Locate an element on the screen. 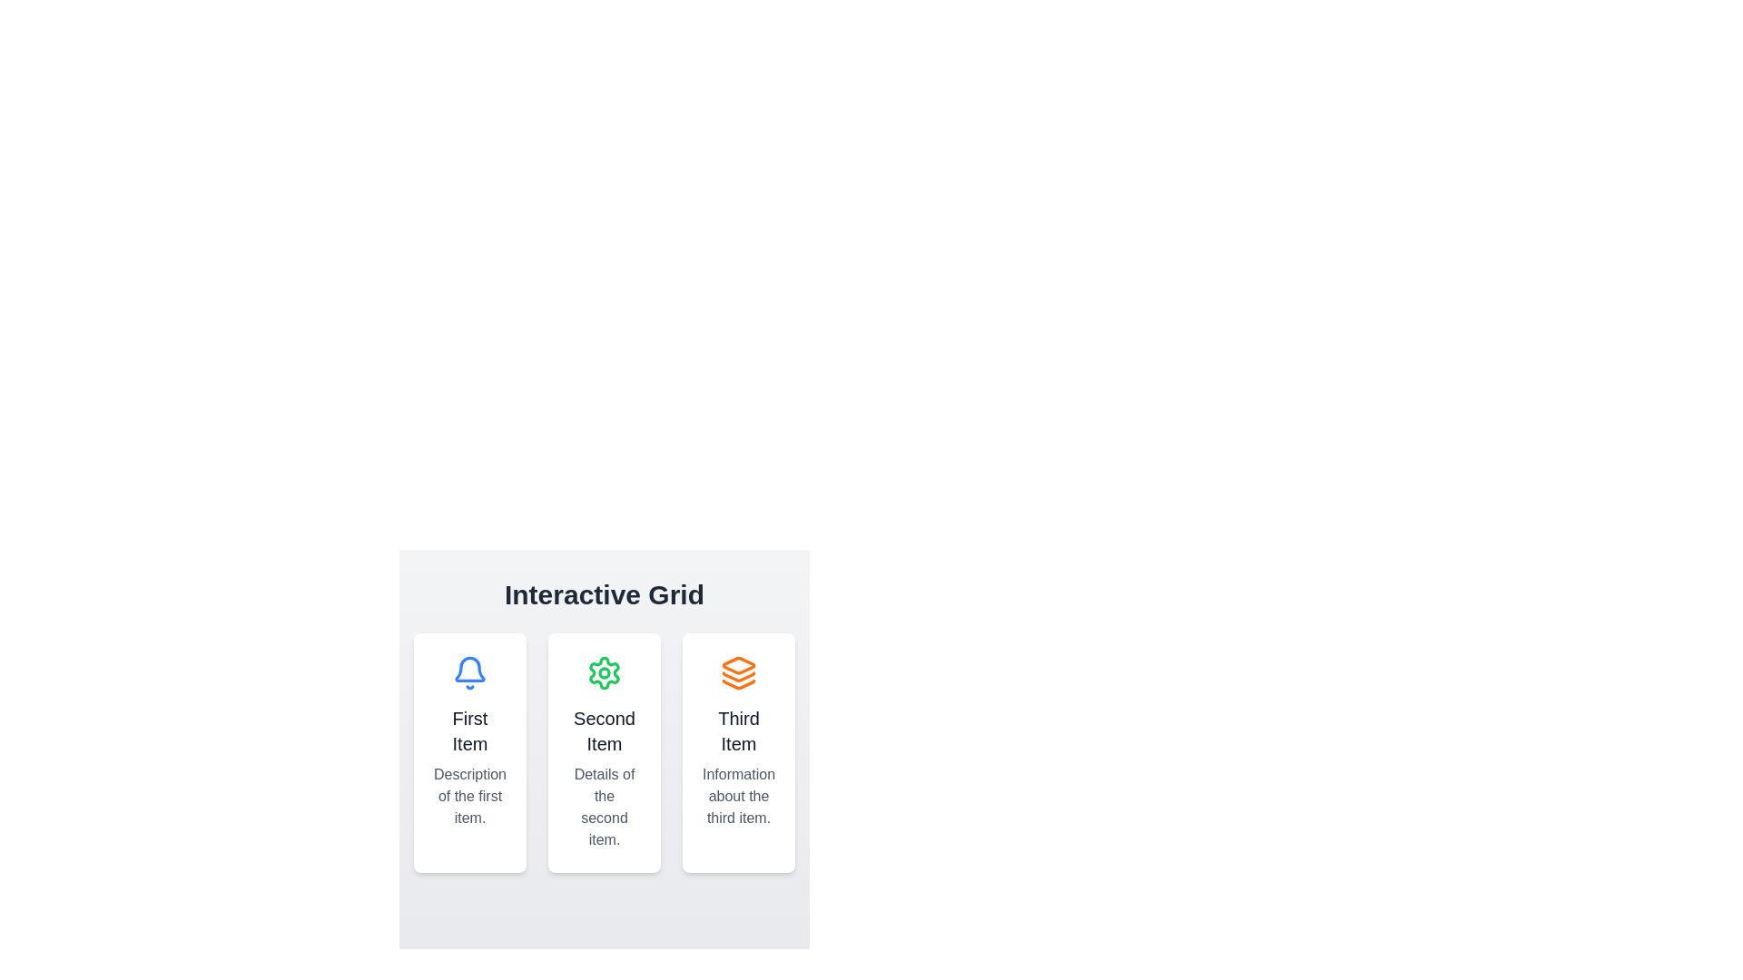  the gear icon in the central area of the second card labeled 'Second Item' is located at coordinates (605, 672).